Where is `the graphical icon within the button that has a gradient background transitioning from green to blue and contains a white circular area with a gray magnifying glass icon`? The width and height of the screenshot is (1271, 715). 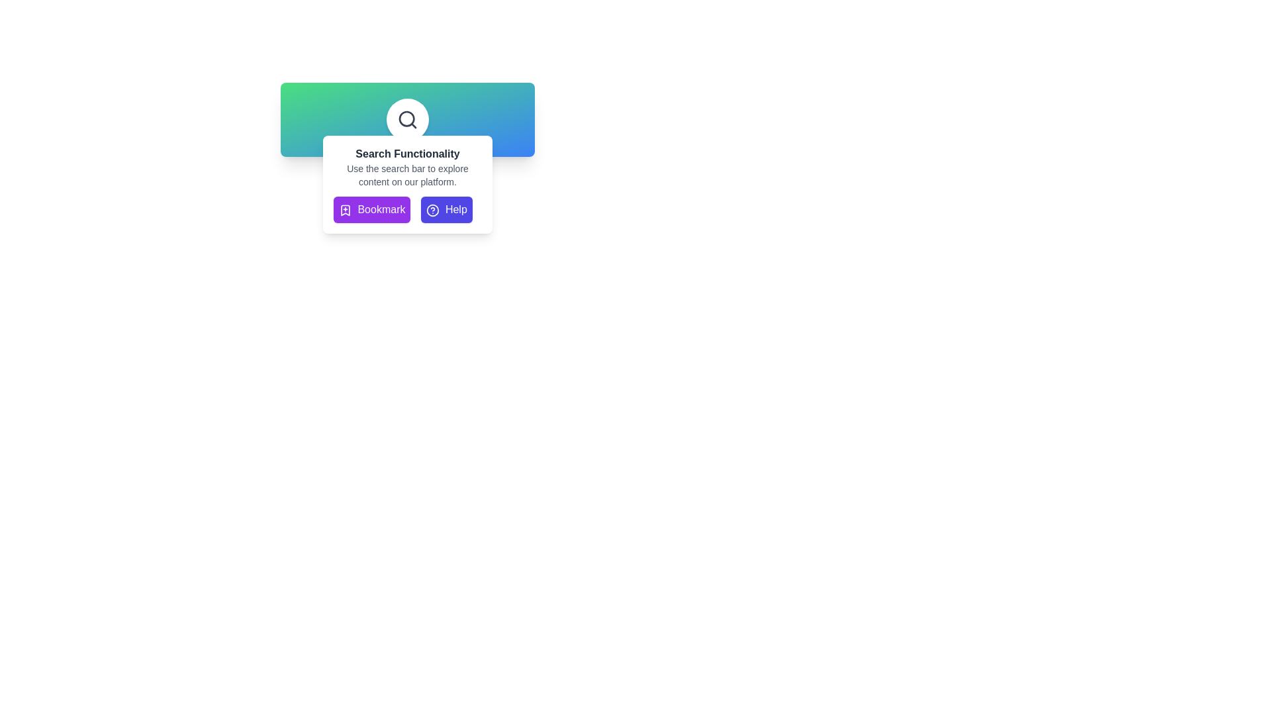
the graphical icon within the button that has a gradient background transitioning from green to blue and contains a white circular area with a gray magnifying glass icon is located at coordinates (406, 120).